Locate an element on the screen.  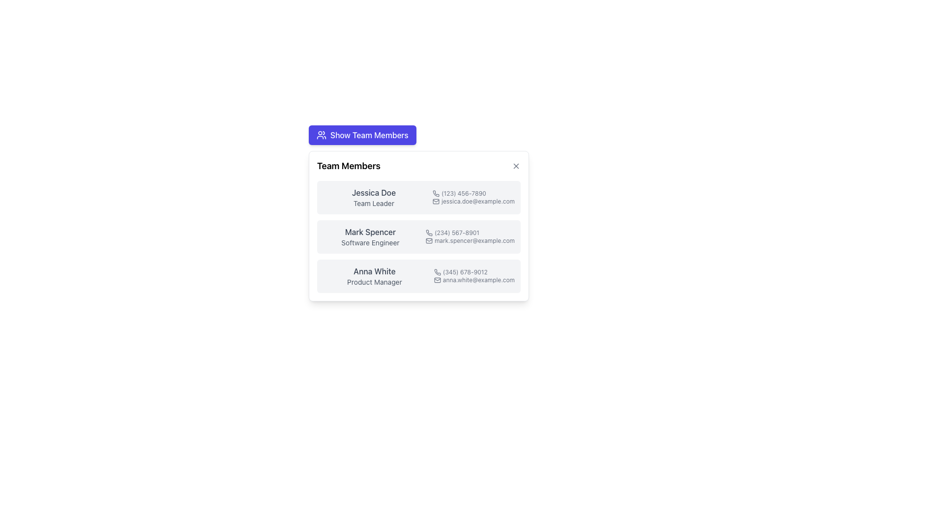
the interactive elements inside the Information card item, which is the first entry in the 'Team Members' card, displaying a light gray background with rounded corners and containing contact details is located at coordinates (418, 197).